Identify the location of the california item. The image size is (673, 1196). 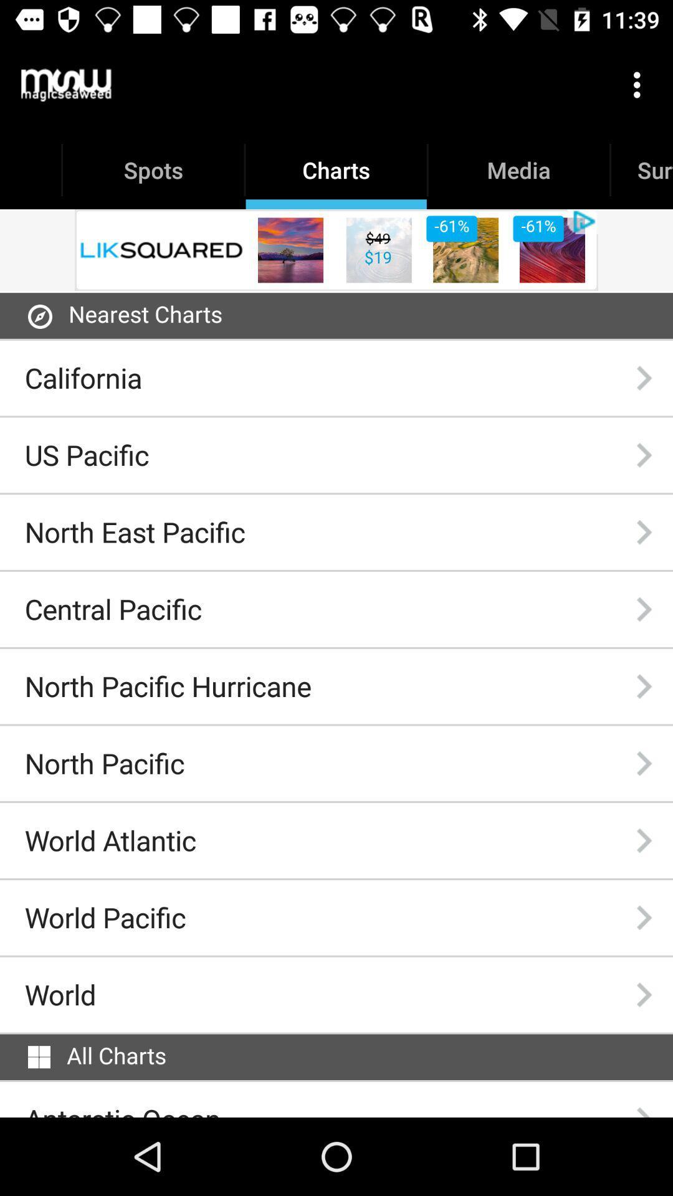
(83, 377).